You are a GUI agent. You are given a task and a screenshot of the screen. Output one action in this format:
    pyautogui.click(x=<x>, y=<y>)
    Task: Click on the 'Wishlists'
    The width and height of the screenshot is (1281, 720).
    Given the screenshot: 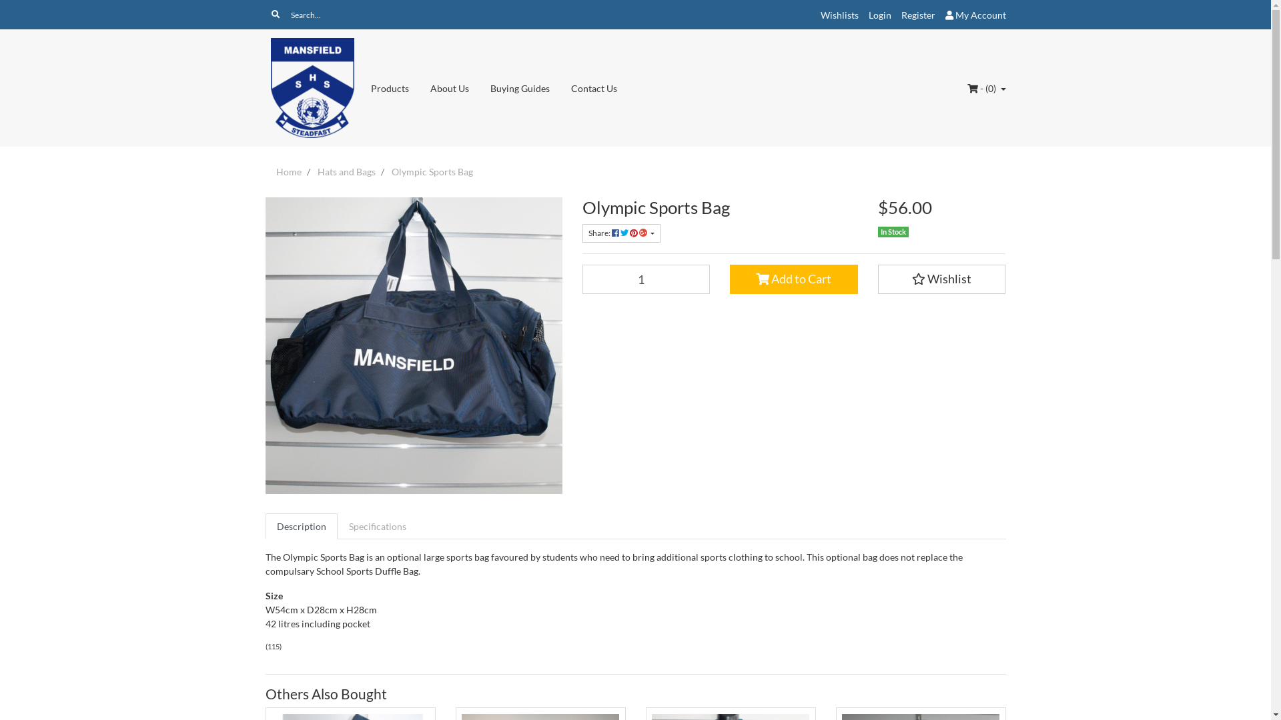 What is the action you would take?
    pyautogui.click(x=839, y=15)
    